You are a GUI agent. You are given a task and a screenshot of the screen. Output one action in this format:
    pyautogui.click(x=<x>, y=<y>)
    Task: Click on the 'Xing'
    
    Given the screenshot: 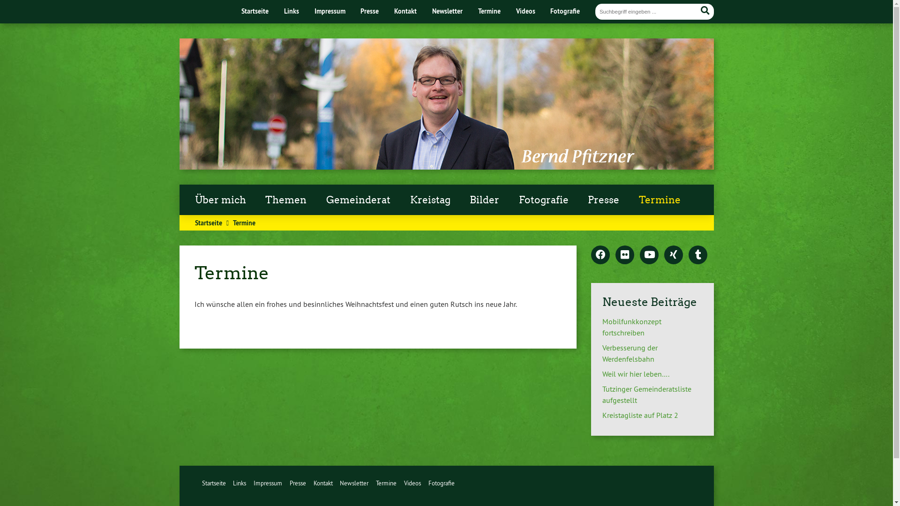 What is the action you would take?
    pyautogui.click(x=663, y=255)
    